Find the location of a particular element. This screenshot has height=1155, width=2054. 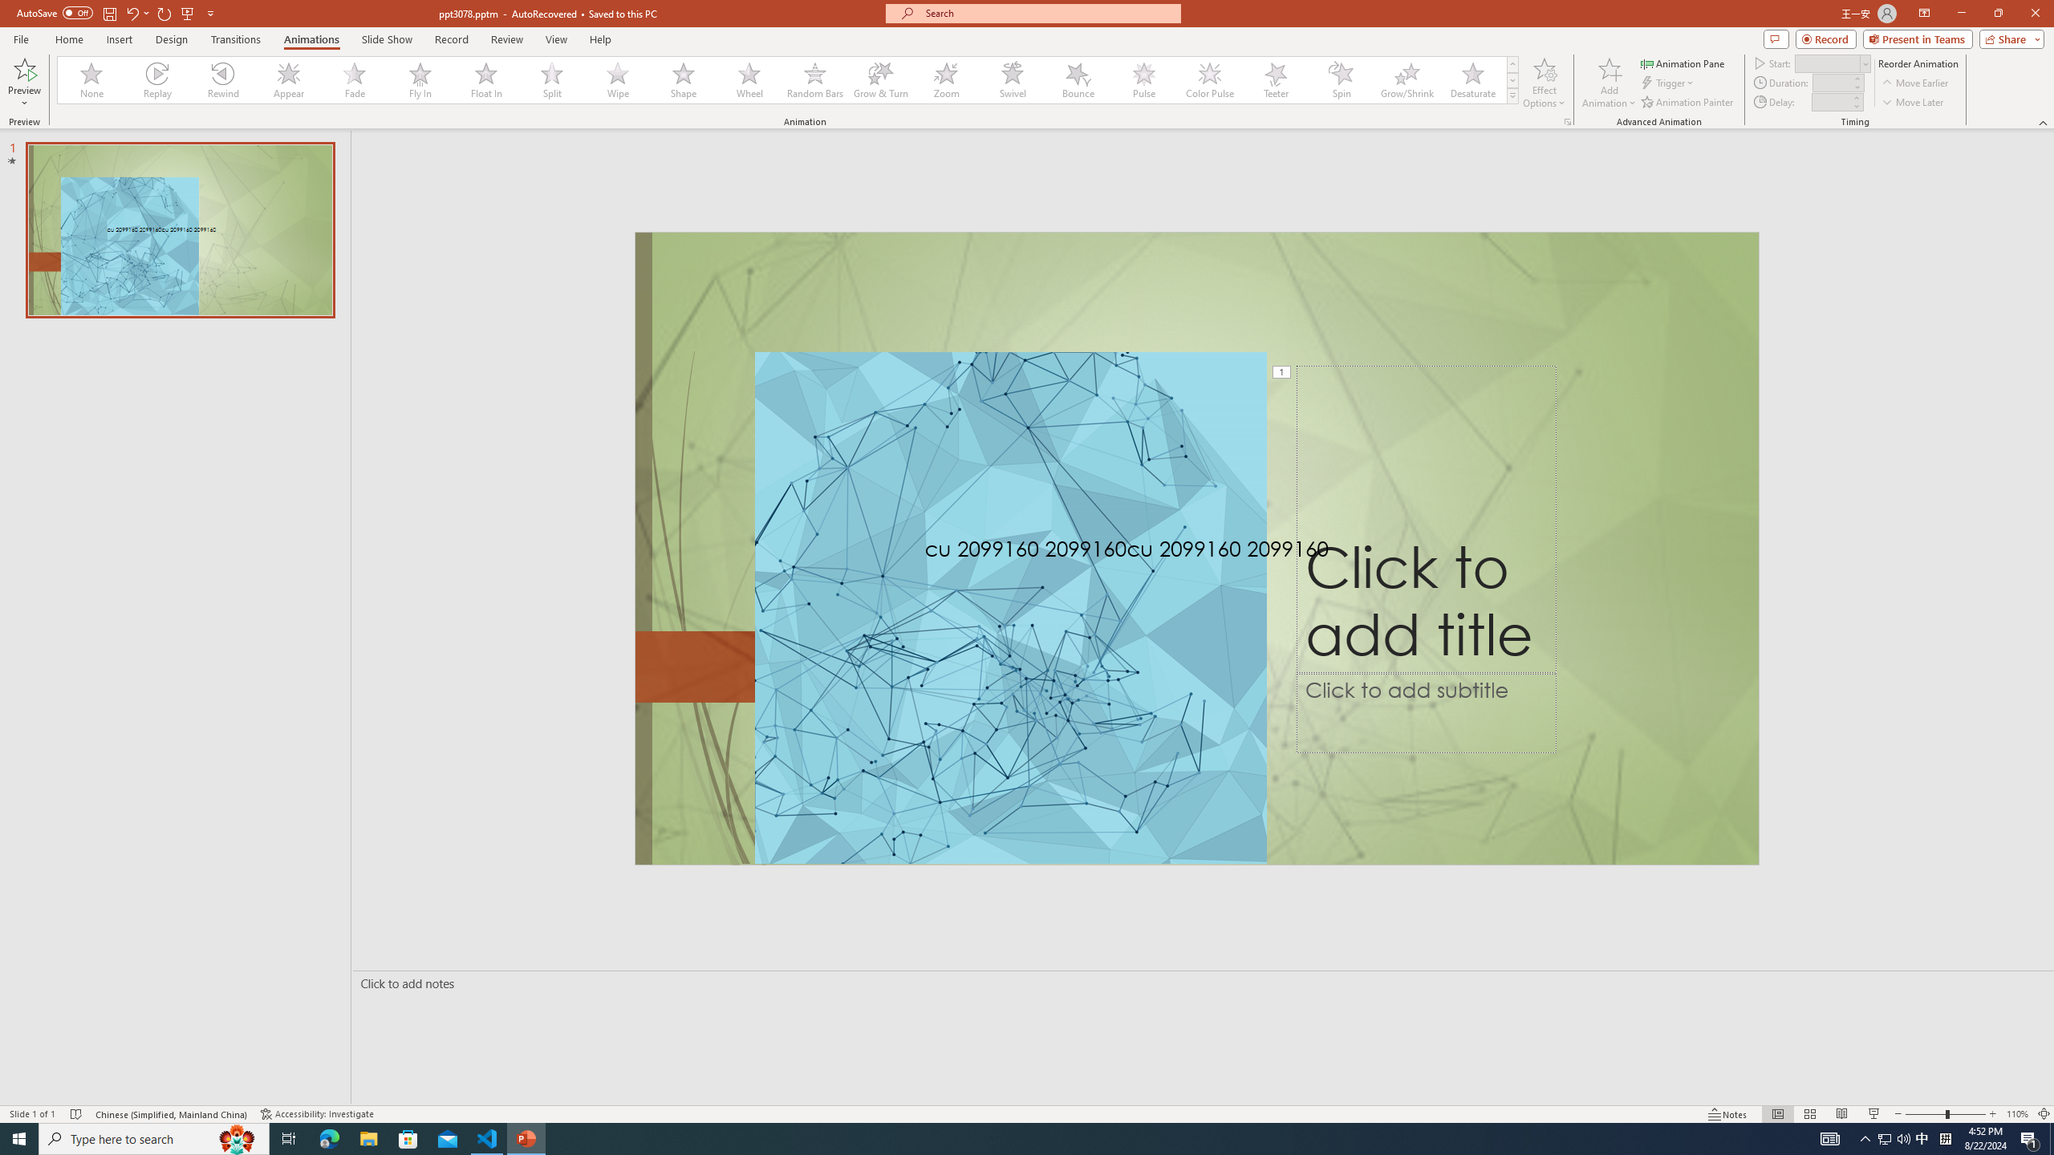

'Color Pulse' is located at coordinates (1209, 79).